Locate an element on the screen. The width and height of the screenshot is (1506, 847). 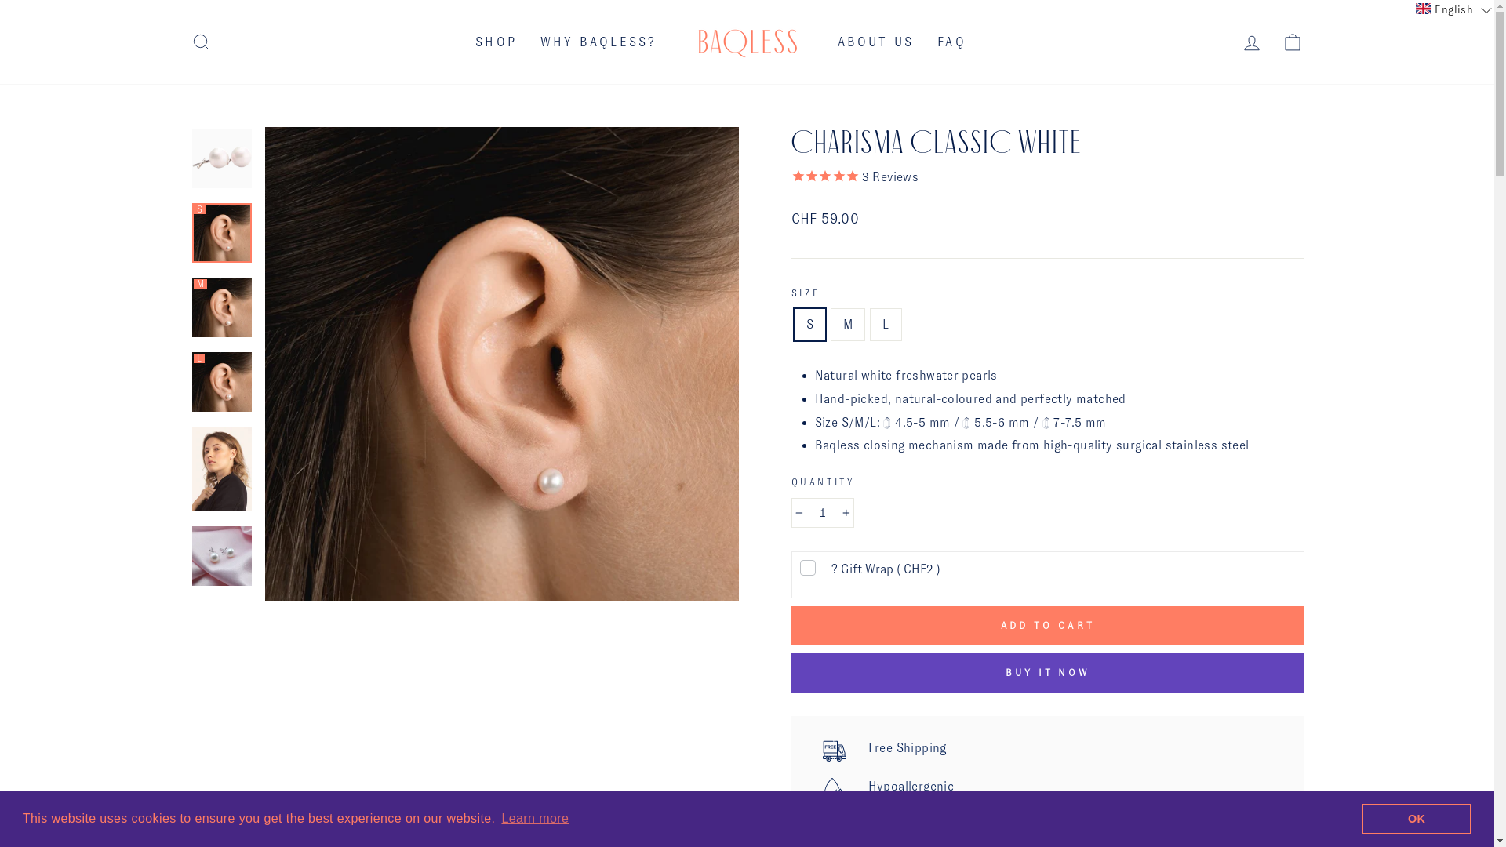
'CART' is located at coordinates (1292, 41).